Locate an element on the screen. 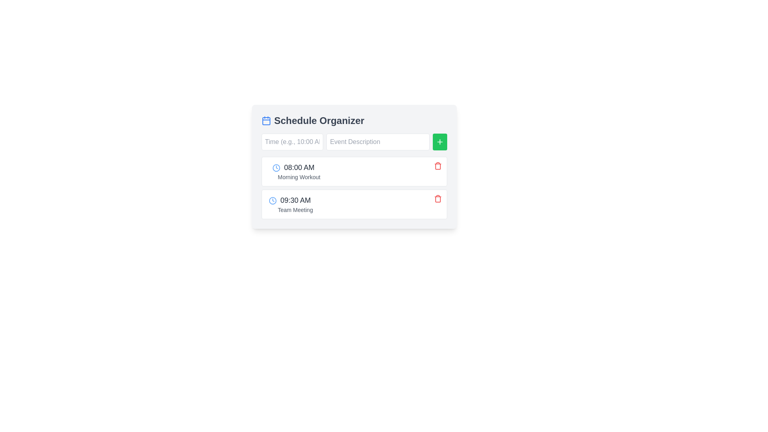  the red trash can icon button located at the right end of the top event row in the schedule organizer interface for the '08:00 AM Morning Workout' event is located at coordinates (437, 166).